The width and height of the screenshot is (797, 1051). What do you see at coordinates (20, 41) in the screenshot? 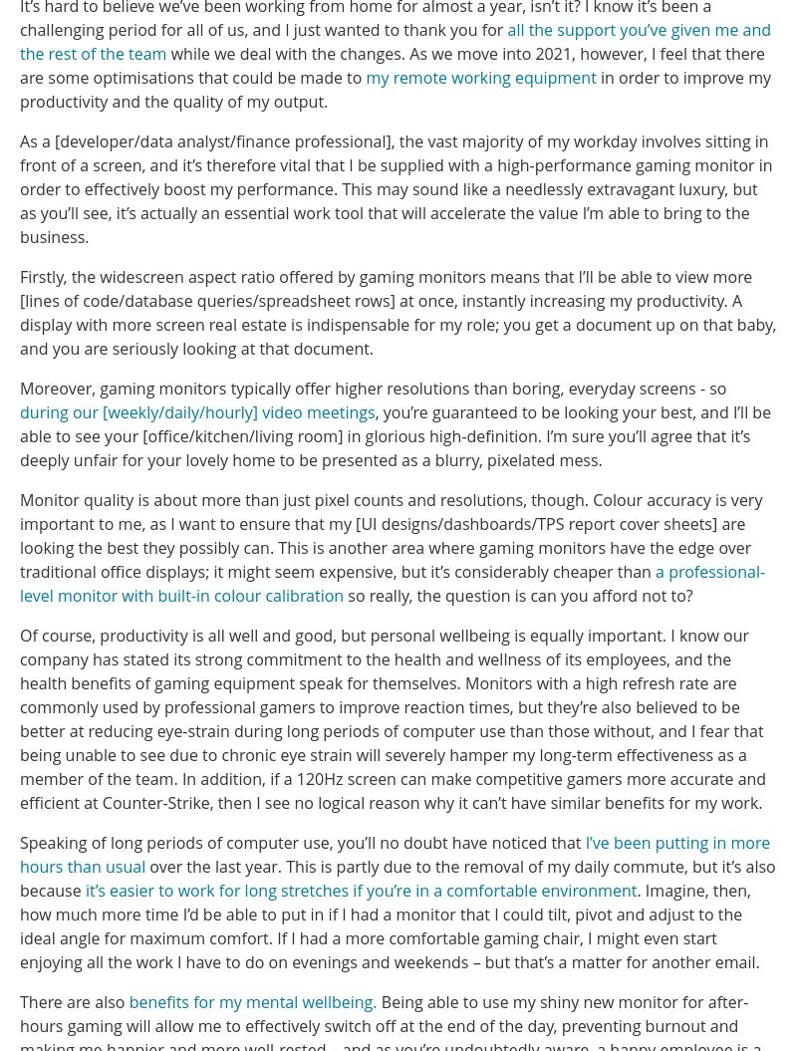
I see `'all the support you’ve given me and the rest of the team'` at bounding box center [20, 41].